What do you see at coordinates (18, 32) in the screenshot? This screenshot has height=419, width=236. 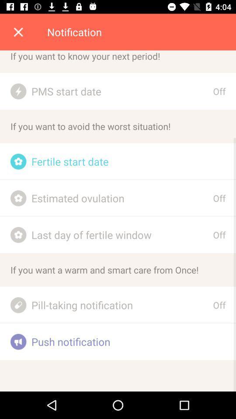 I see `the close icon` at bounding box center [18, 32].